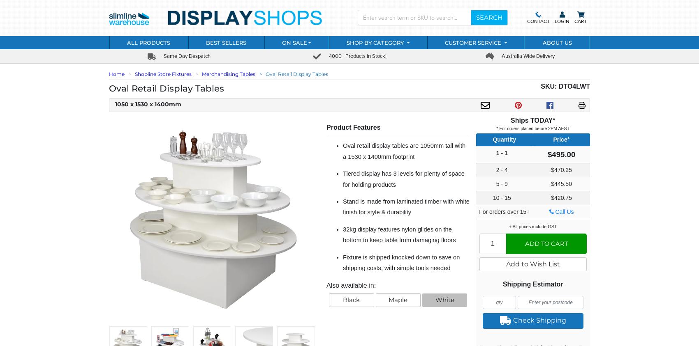  I want to click on 'SKU: DTO4LWT', so click(565, 86).